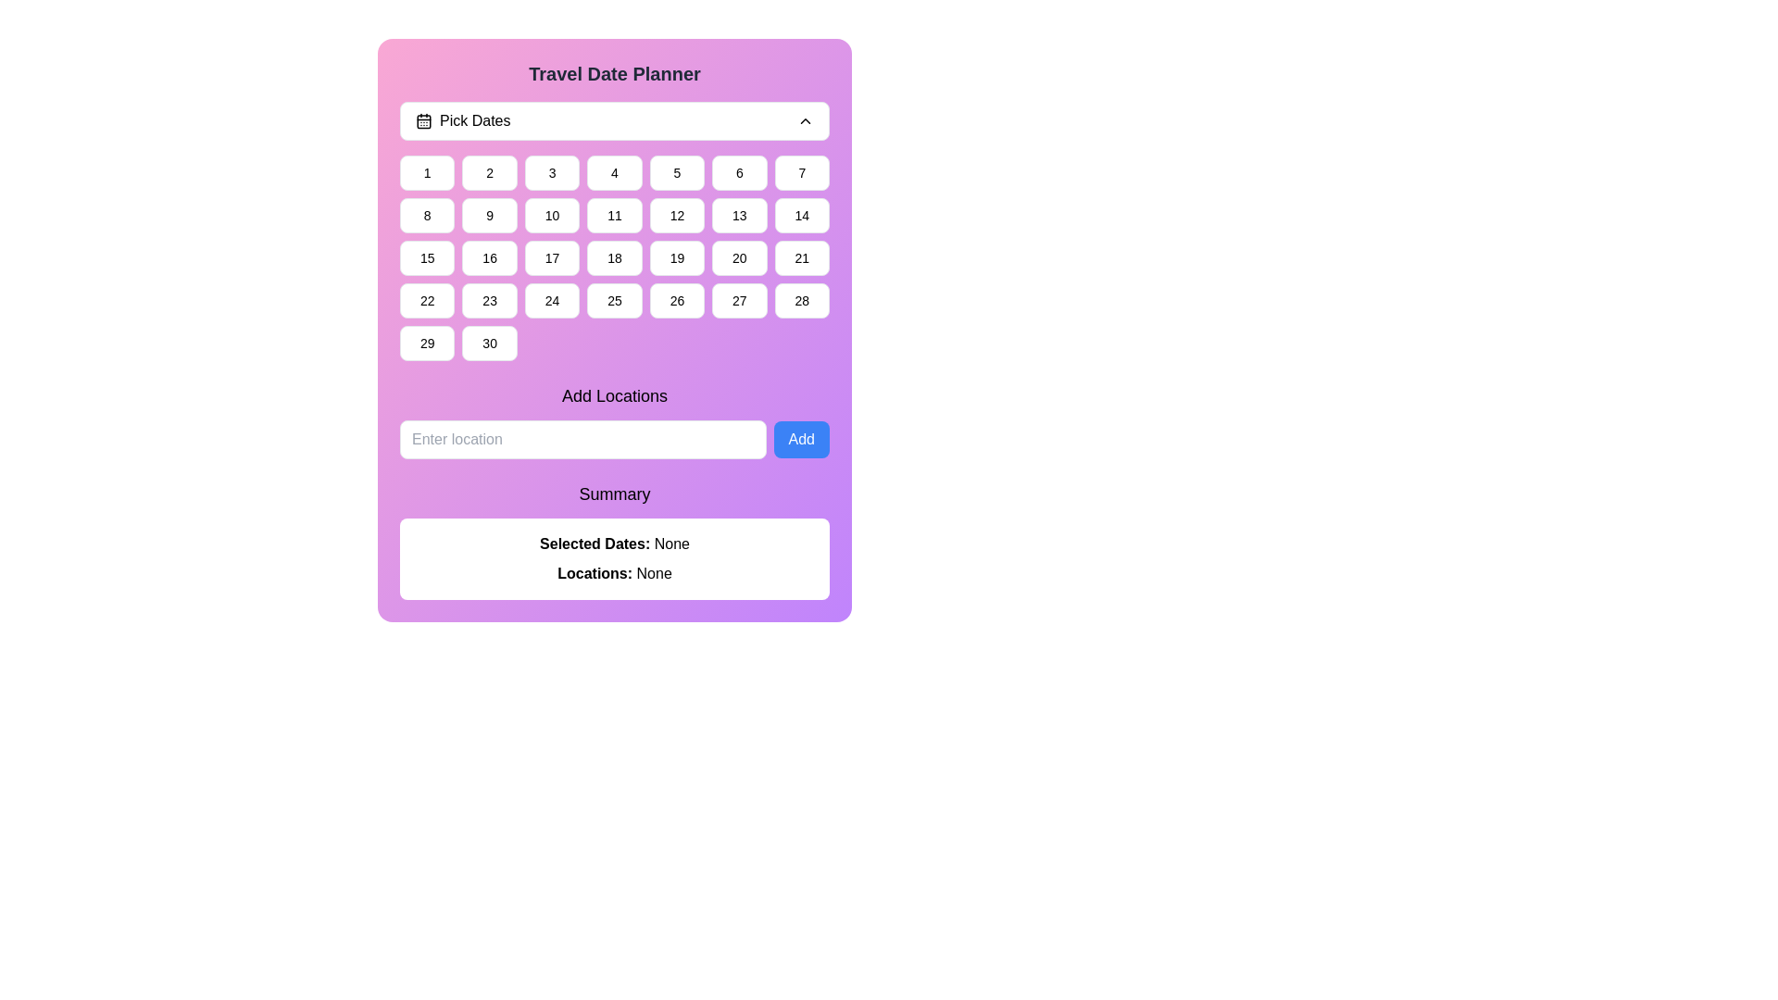 Image resolution: width=1778 pixels, height=1000 pixels. Describe the element at coordinates (738, 172) in the screenshot. I see `the square button with a white background and a black '6' in the calendar section` at that location.